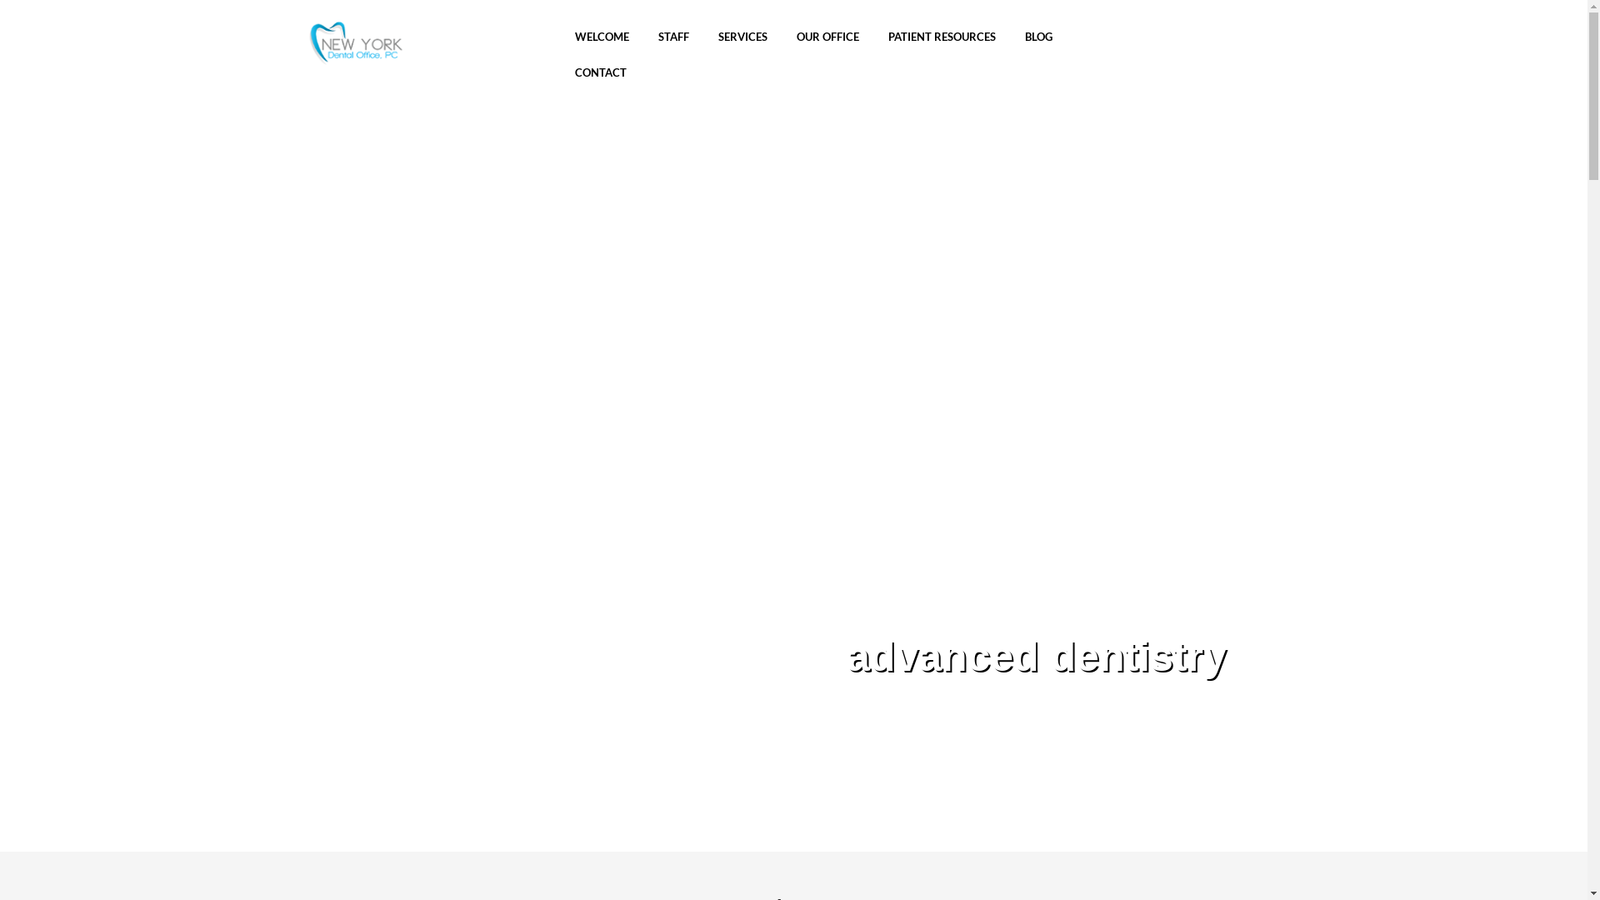 This screenshot has height=900, width=1600. What do you see at coordinates (600, 73) in the screenshot?
I see `'CONTACT'` at bounding box center [600, 73].